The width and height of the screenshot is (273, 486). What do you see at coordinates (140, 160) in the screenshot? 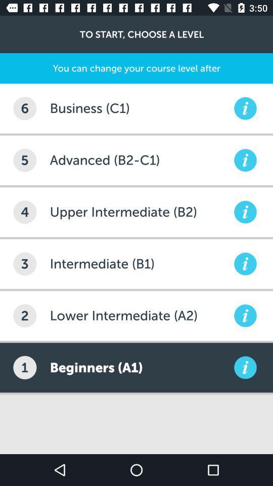
I see `advanced (b2-c1) item` at bounding box center [140, 160].